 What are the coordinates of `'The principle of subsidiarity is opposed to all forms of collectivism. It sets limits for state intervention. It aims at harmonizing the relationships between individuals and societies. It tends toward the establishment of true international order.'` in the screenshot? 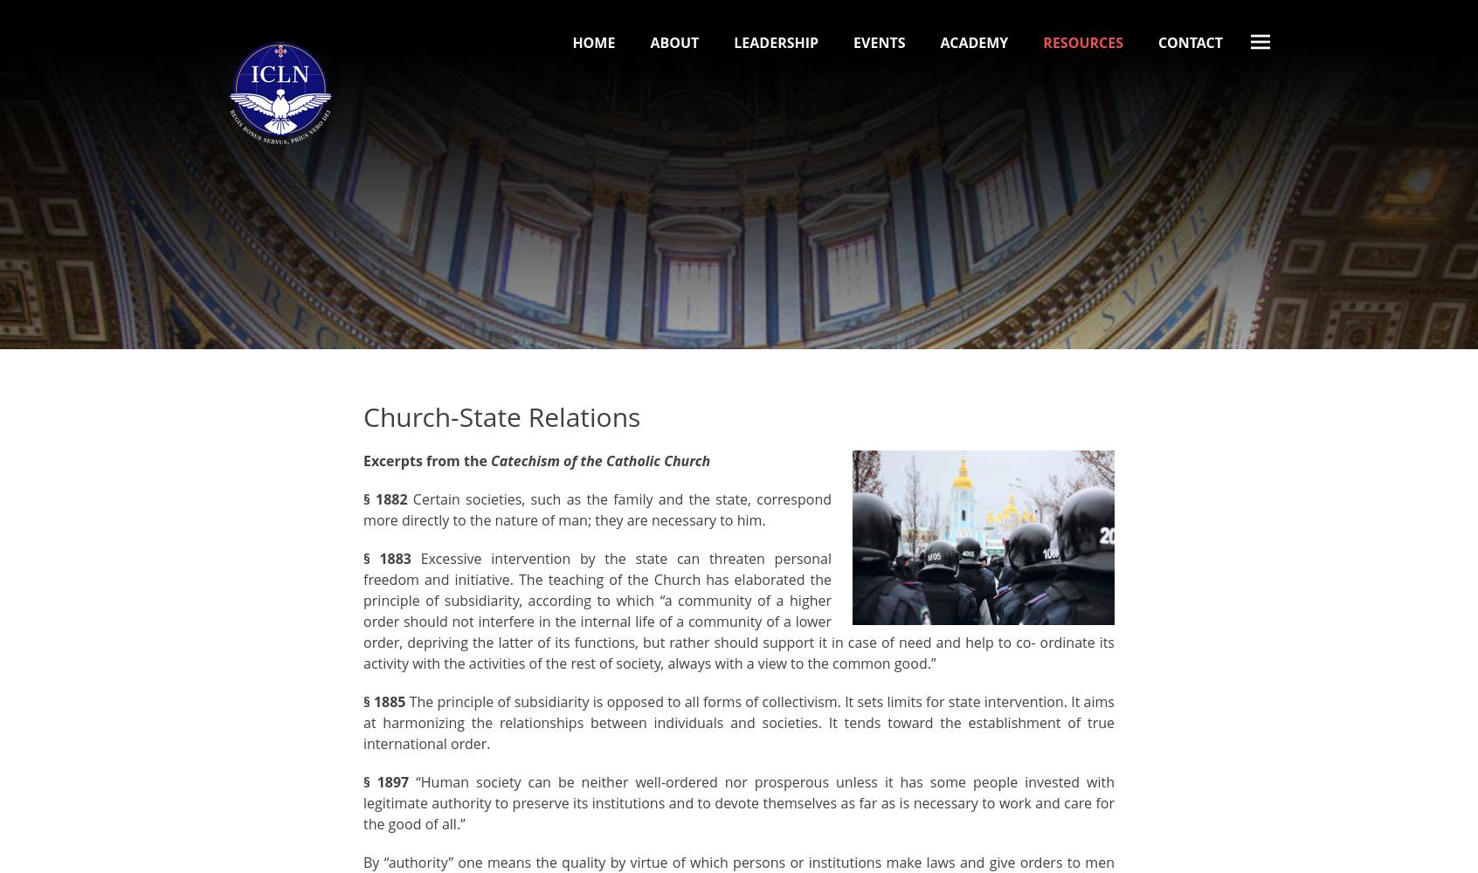 It's located at (739, 722).